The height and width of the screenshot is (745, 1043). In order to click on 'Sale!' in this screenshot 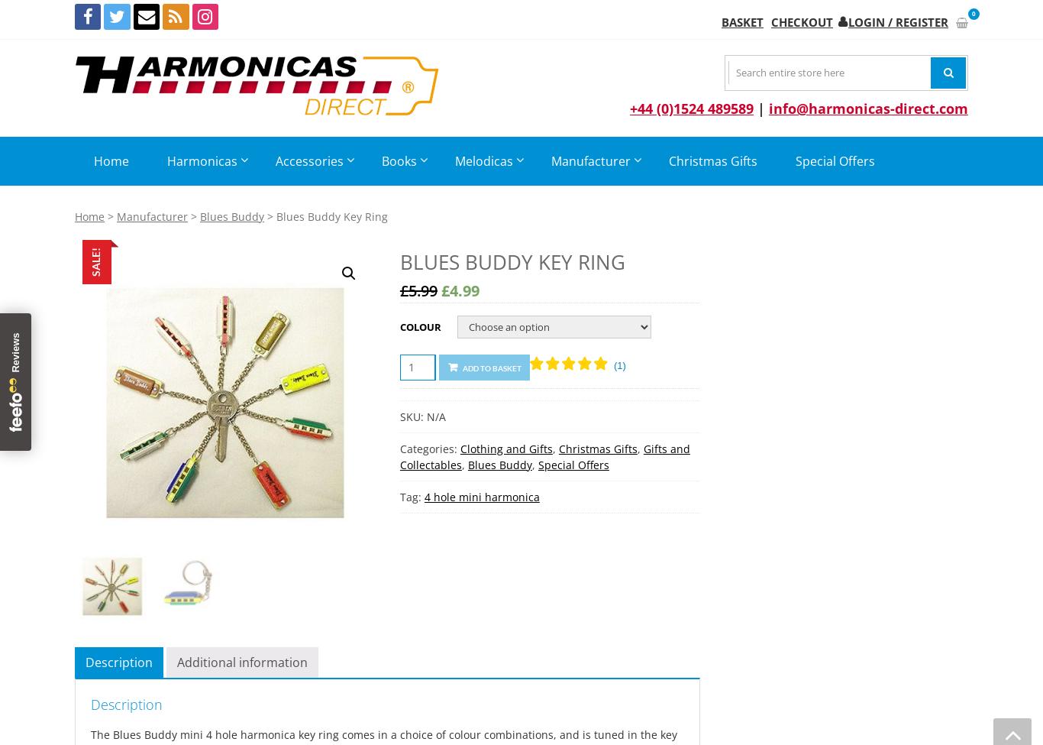, I will do `click(89, 261)`.